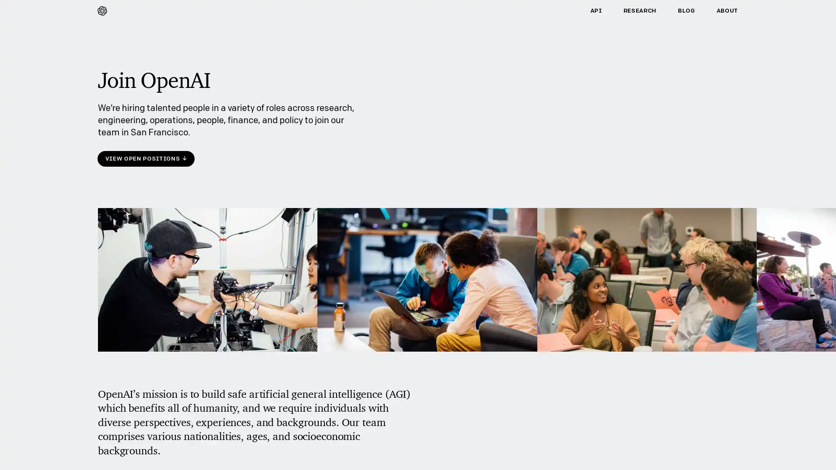  I want to click on Previous, so click(108, 295).